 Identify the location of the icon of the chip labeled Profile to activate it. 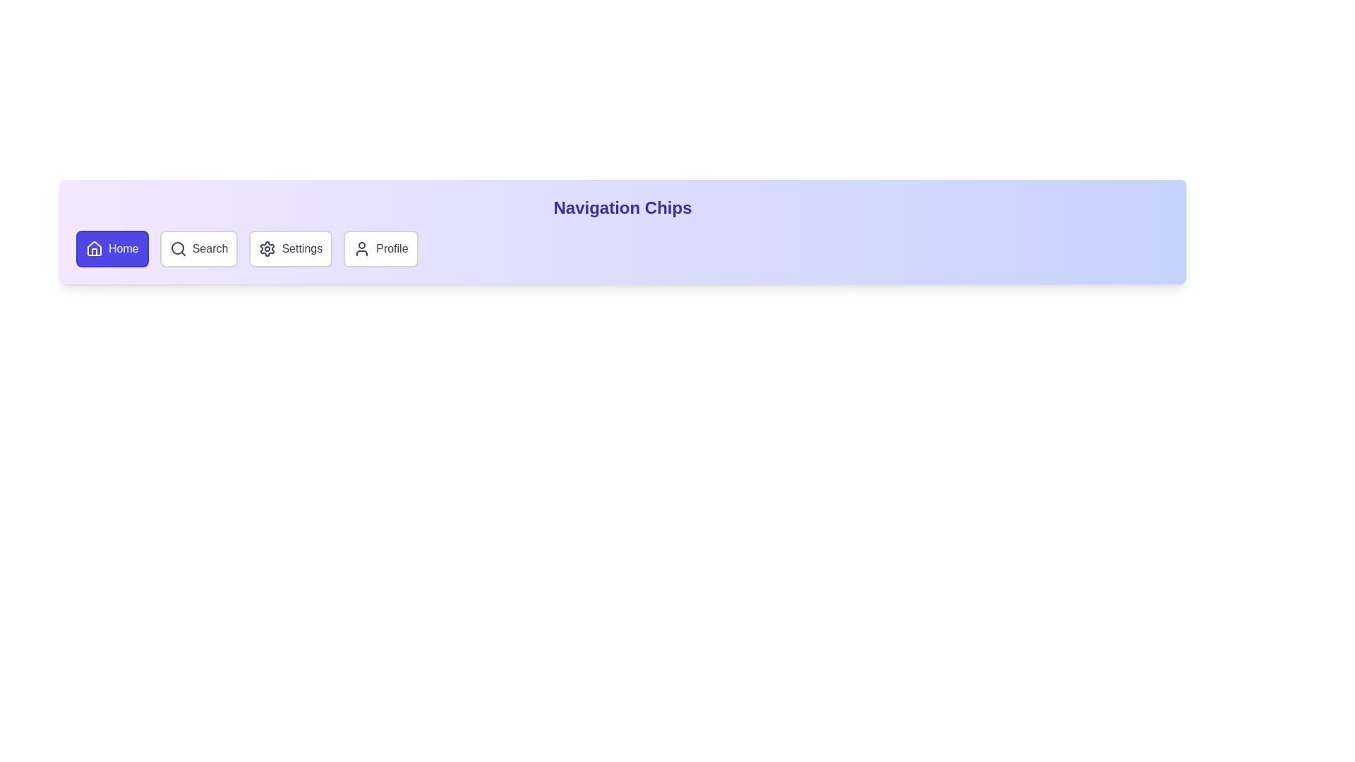
(362, 248).